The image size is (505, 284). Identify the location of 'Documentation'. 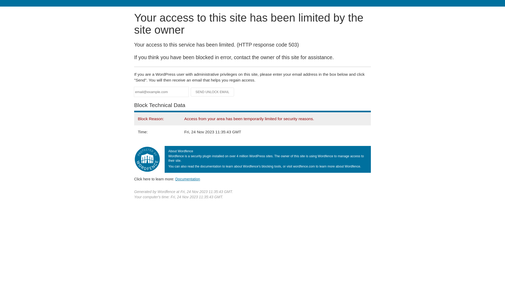
(175, 179).